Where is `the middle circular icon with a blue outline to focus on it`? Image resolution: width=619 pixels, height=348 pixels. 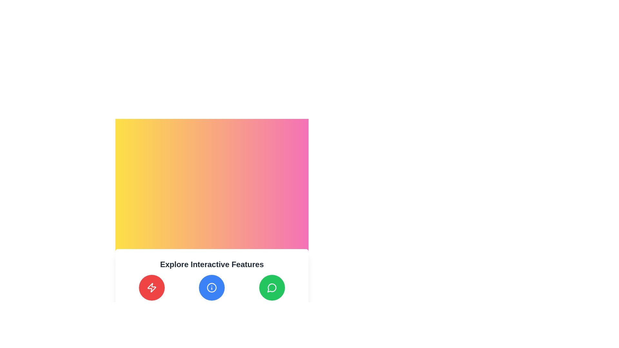 the middle circular icon with a blue outline to focus on it is located at coordinates (212, 287).